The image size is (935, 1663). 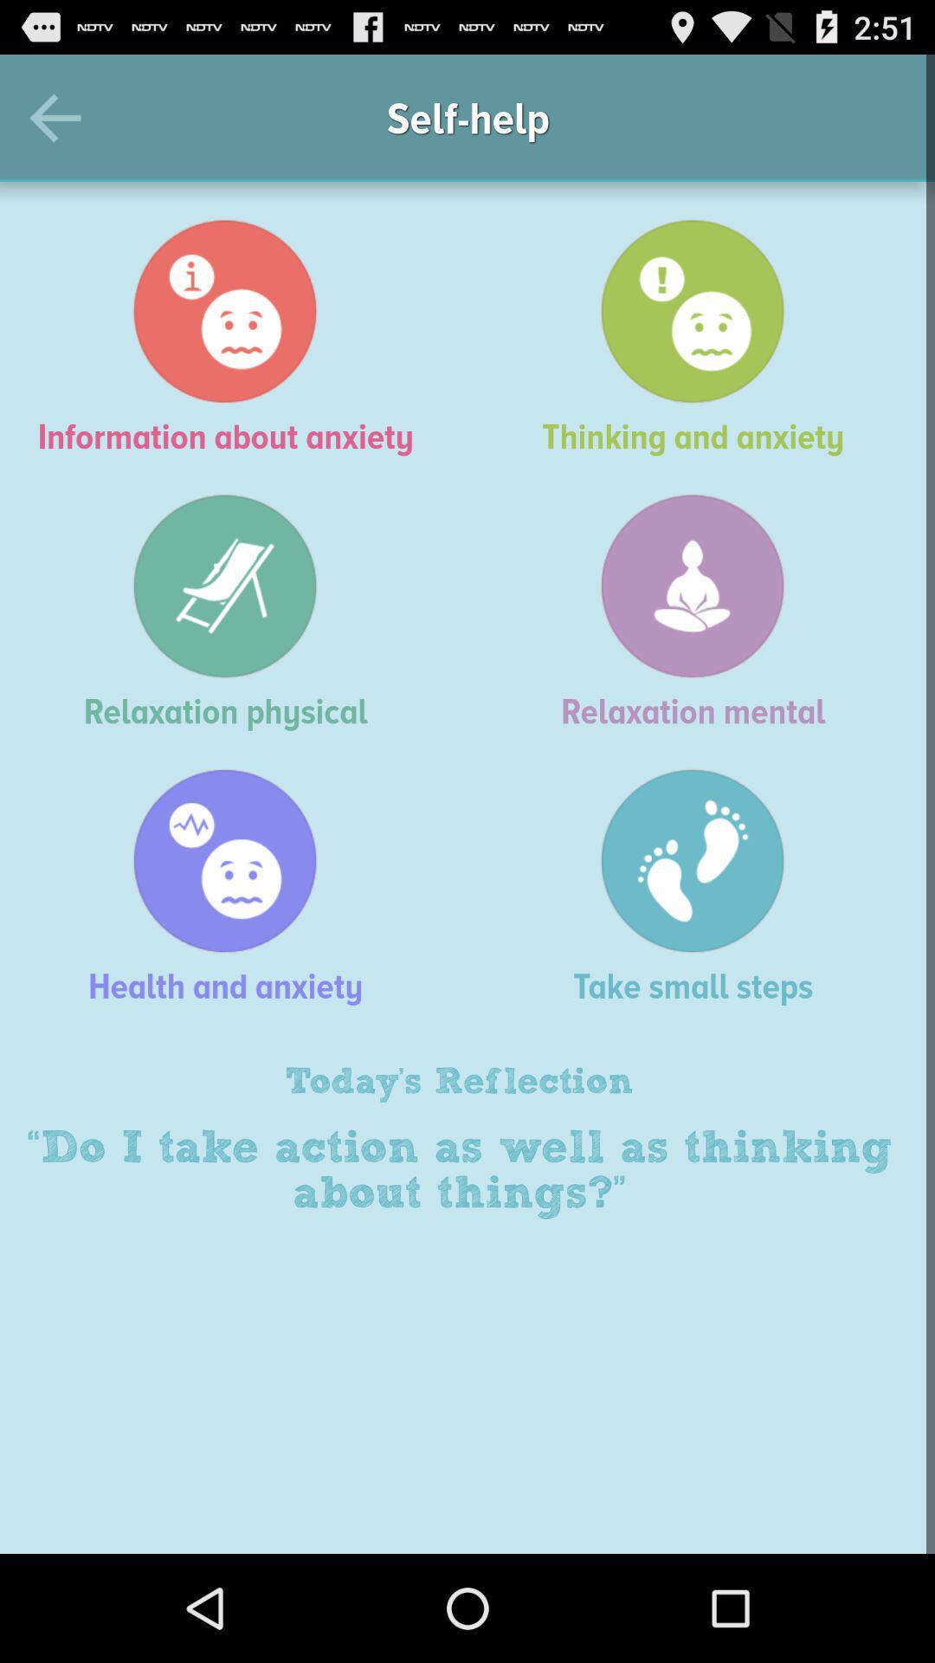 I want to click on the item above the health and anxiety, so click(x=234, y=611).